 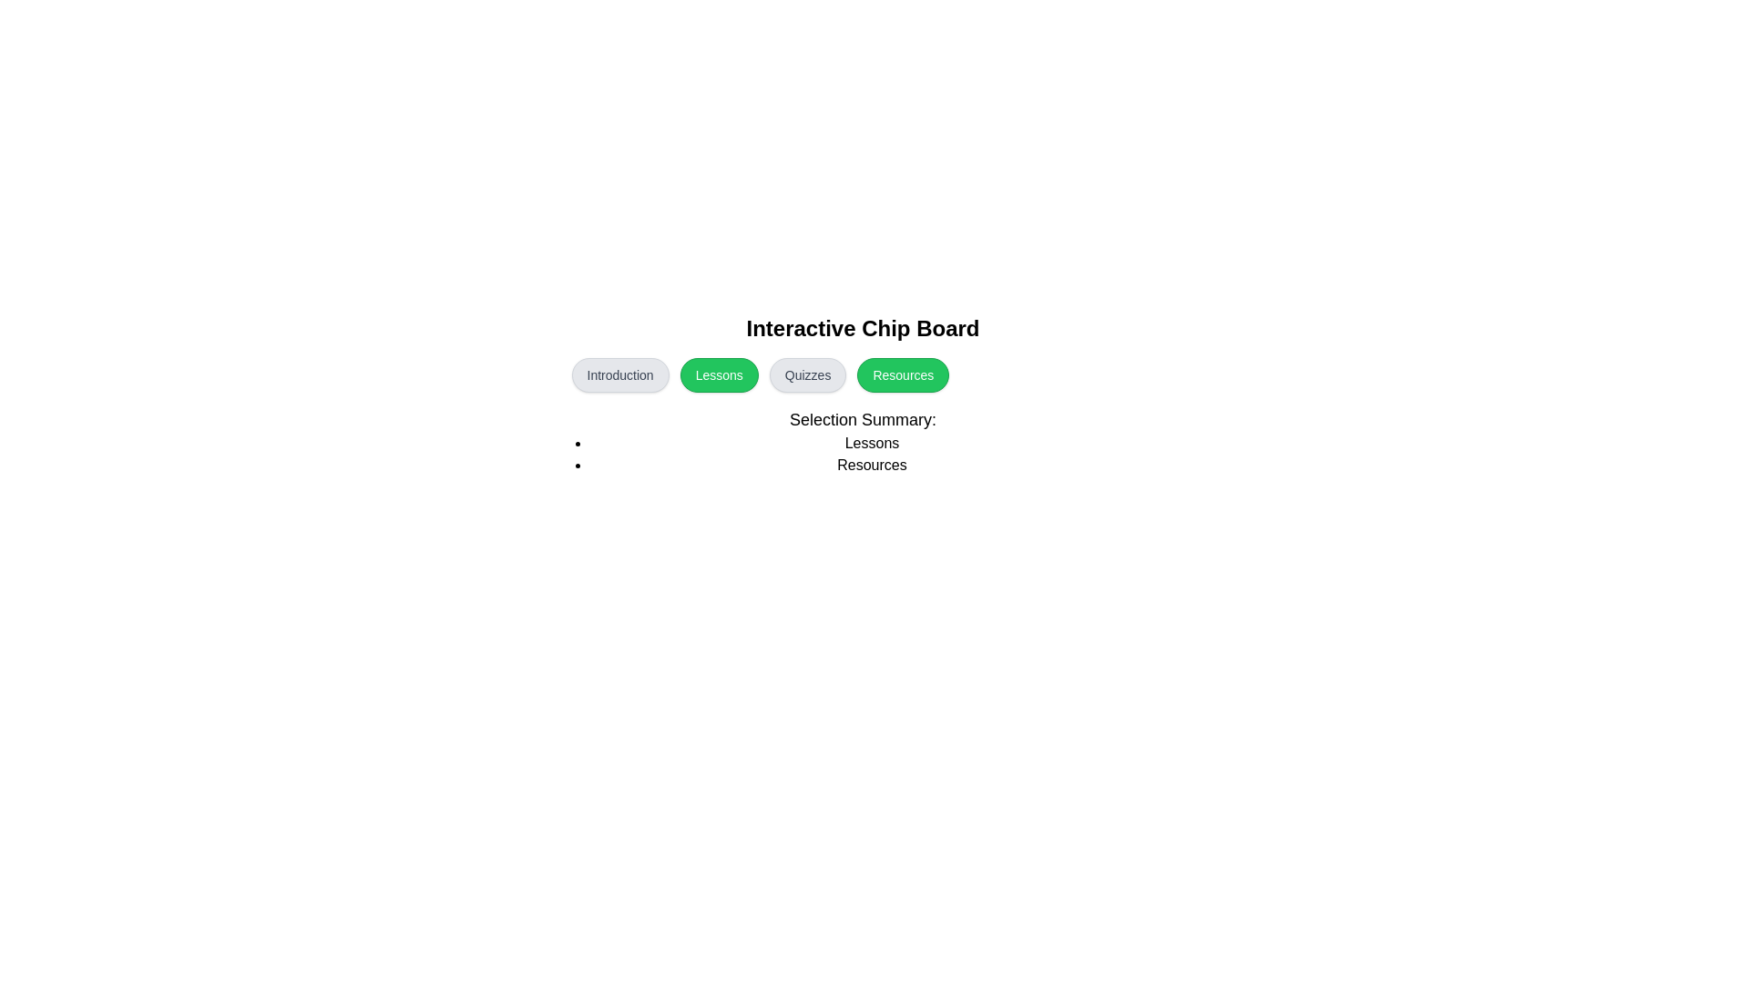 What do you see at coordinates (620, 374) in the screenshot?
I see `the 'Introduction' button located under the 'Interactive Chip Board' title` at bounding box center [620, 374].